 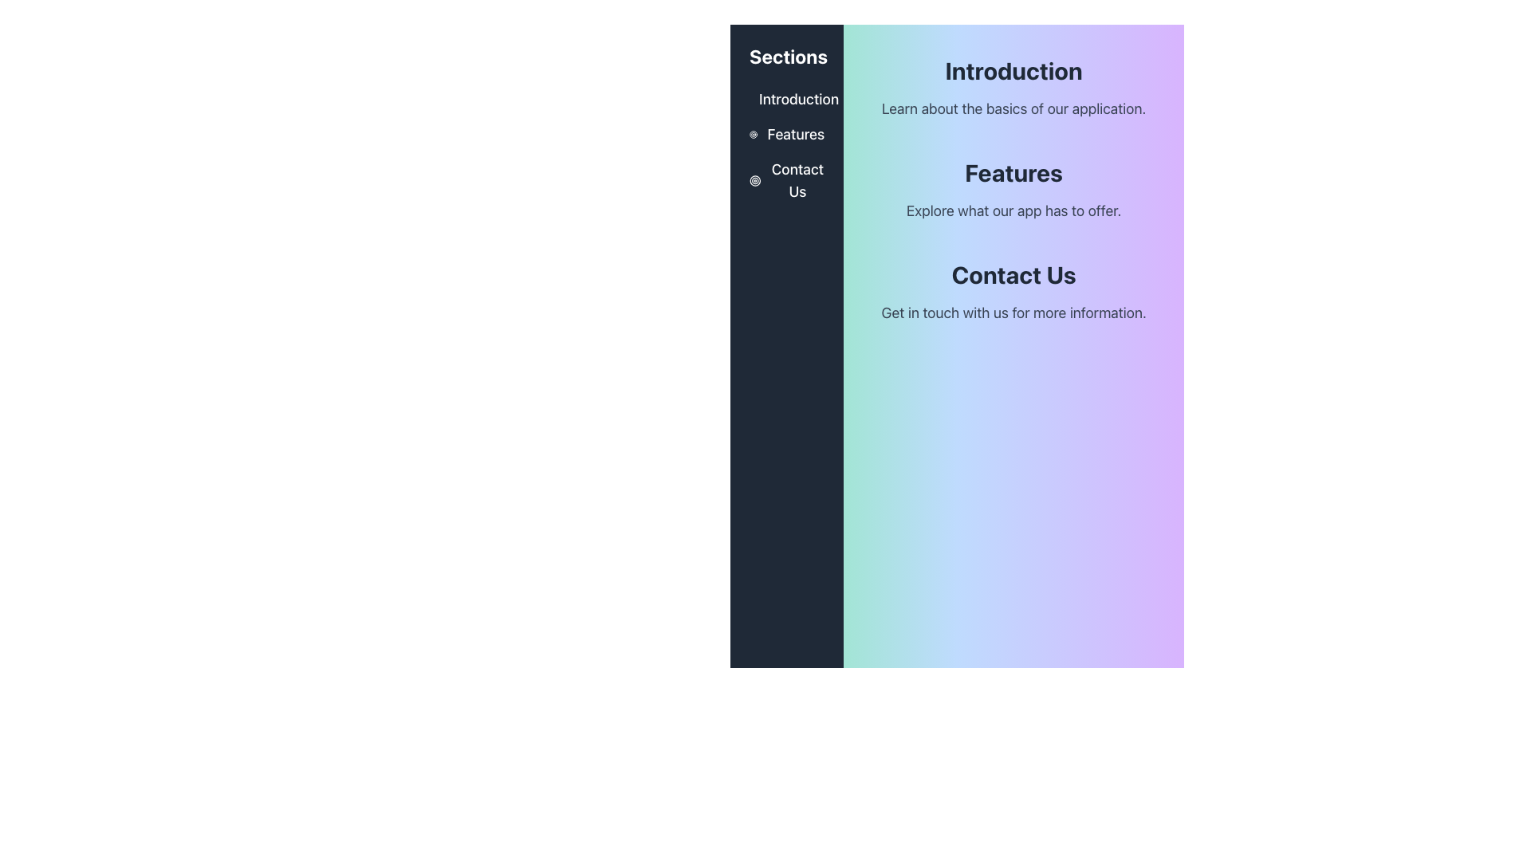 What do you see at coordinates (787, 145) in the screenshot?
I see `the 'Features' navigation link located in the left sidebar underneath the 'Sections' heading` at bounding box center [787, 145].